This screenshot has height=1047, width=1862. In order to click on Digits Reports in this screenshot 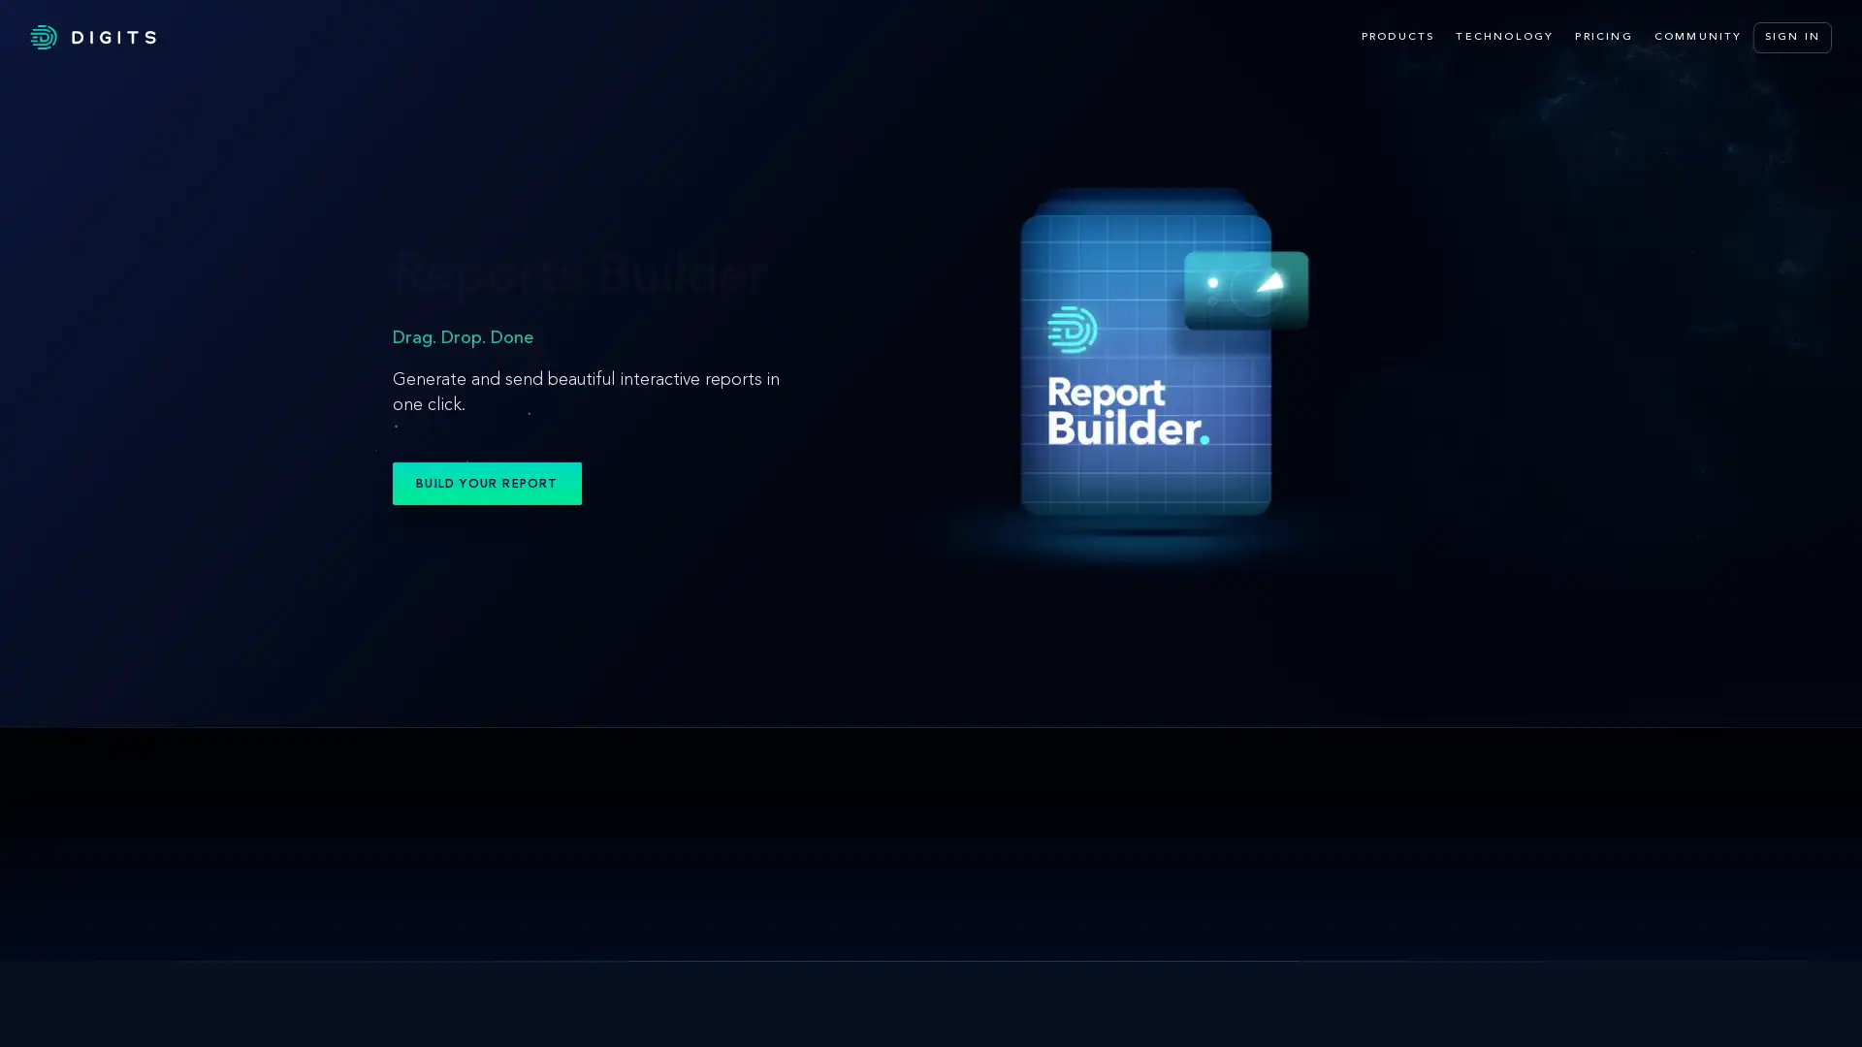, I will do `click(698, 604)`.